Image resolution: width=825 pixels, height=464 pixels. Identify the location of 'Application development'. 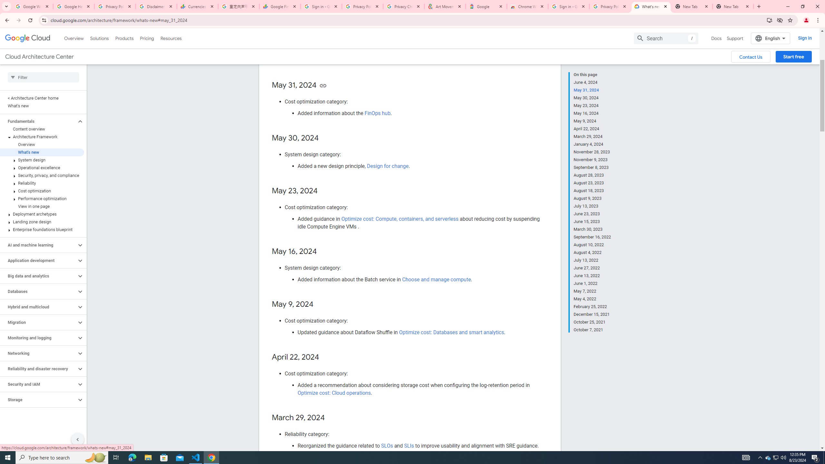
(38, 260).